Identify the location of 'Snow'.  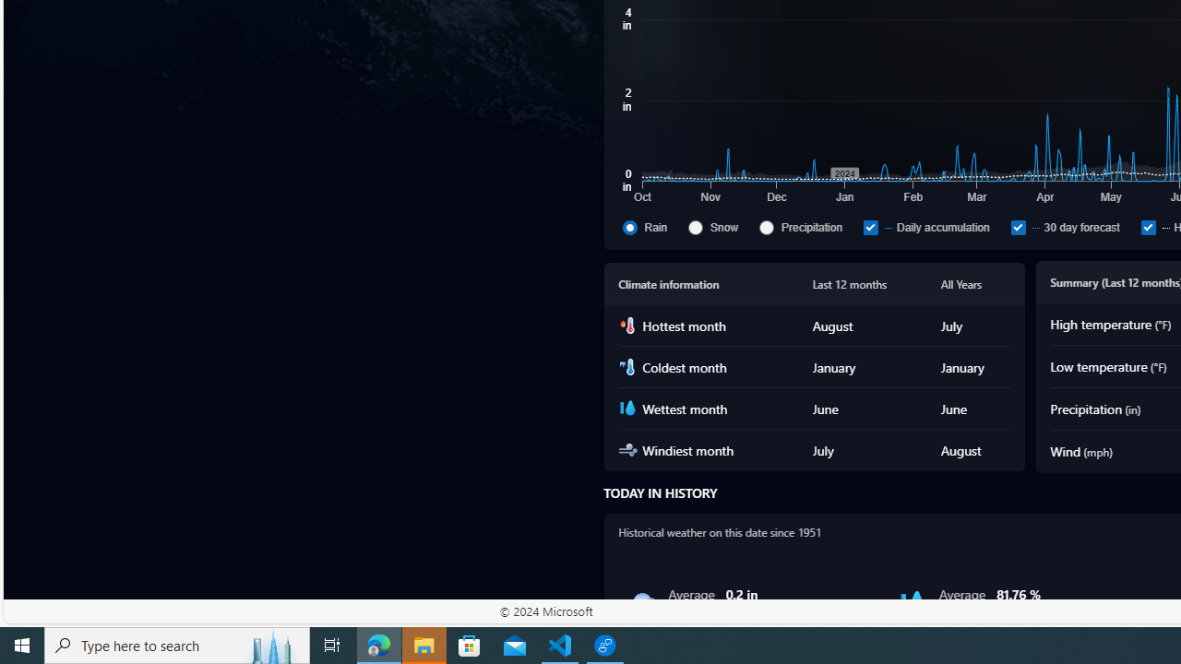
(720, 226).